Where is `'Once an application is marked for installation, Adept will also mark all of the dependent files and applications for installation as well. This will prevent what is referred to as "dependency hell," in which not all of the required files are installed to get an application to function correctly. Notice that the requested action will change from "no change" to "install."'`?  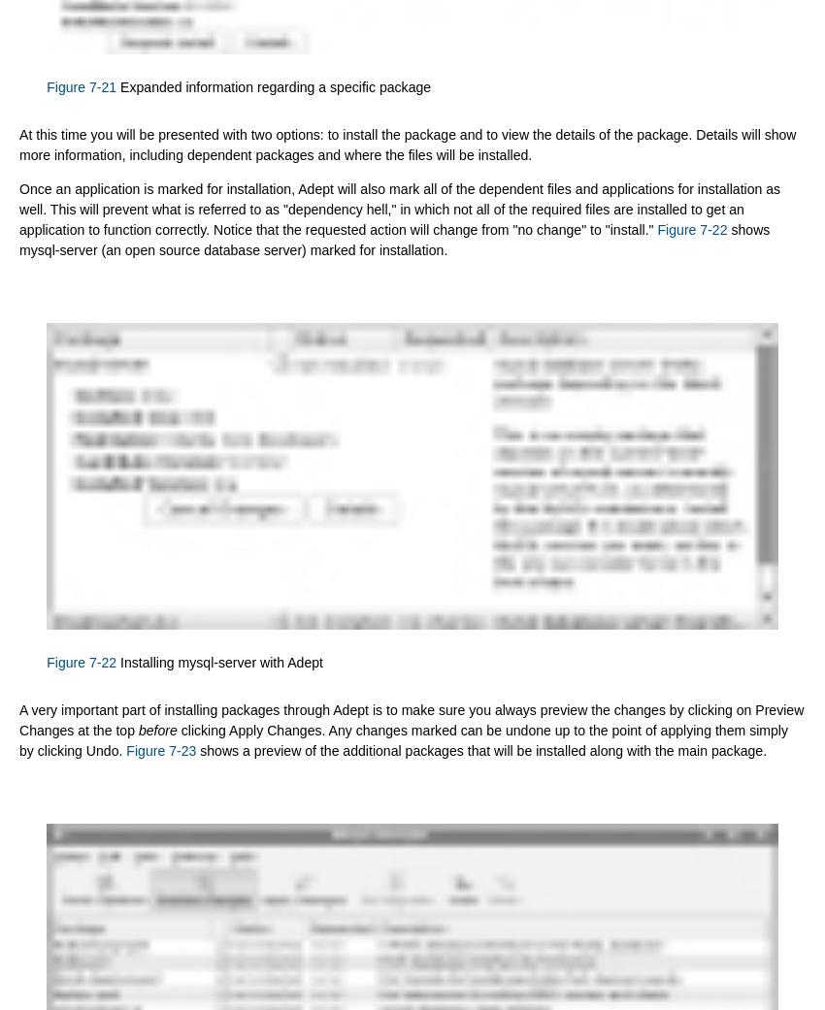 'Once an application is marked for installation, Adept will also mark all of the dependent files and applications for installation as well. This will prevent what is referred to as "dependency hell," in which not all of the required files are installed to get an application to function correctly. Notice that the requested action will change from "no change" to "install."' is located at coordinates (399, 209).